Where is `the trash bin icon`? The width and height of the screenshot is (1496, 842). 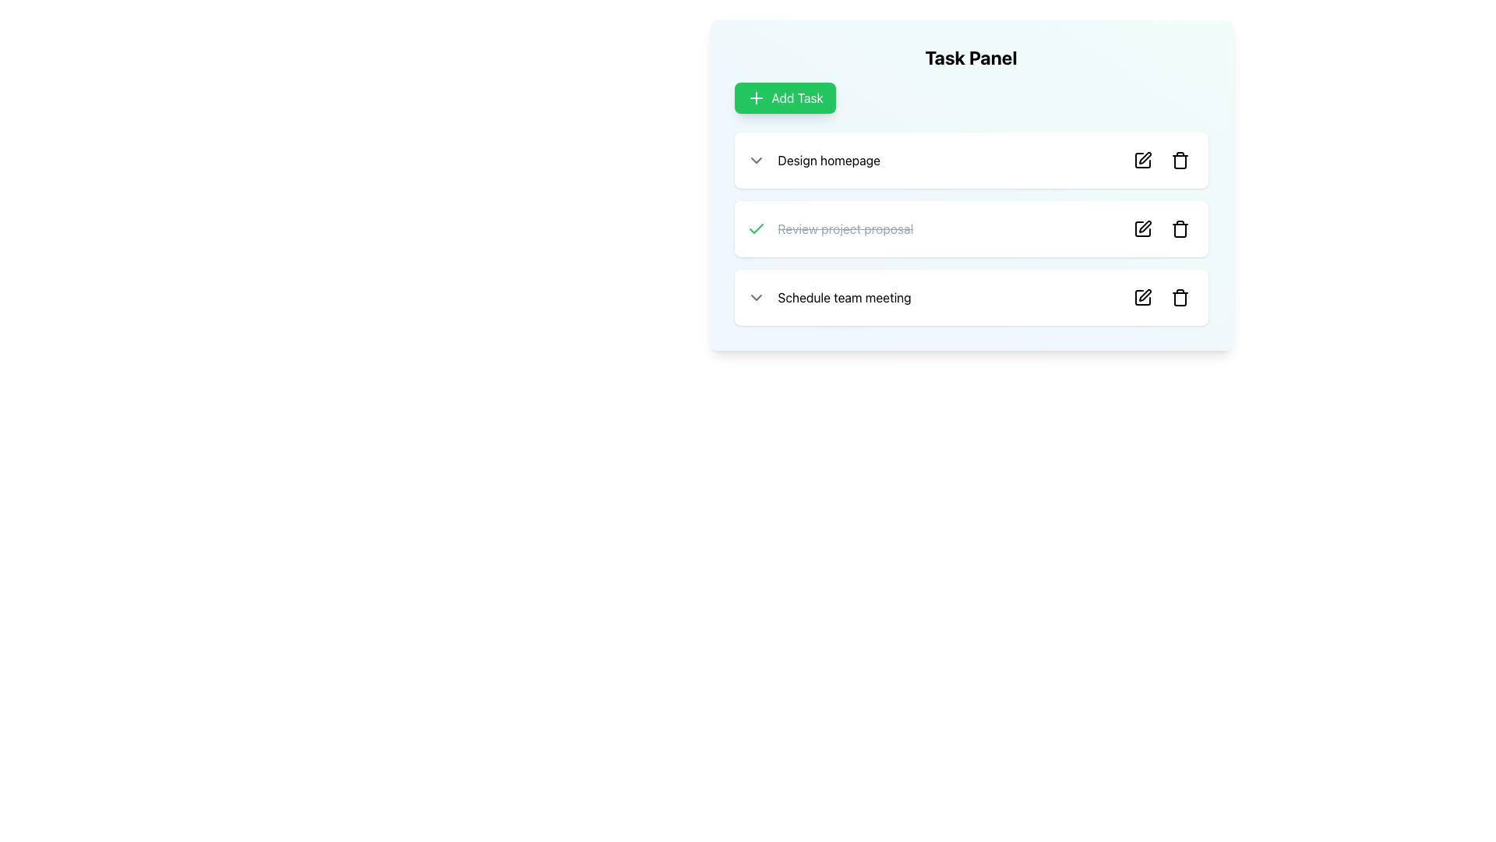 the trash bin icon is located at coordinates (1180, 297).